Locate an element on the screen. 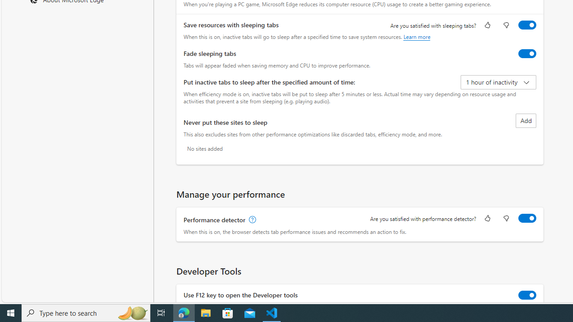 The width and height of the screenshot is (573, 322). 'Performance detector' is located at coordinates (527, 218).